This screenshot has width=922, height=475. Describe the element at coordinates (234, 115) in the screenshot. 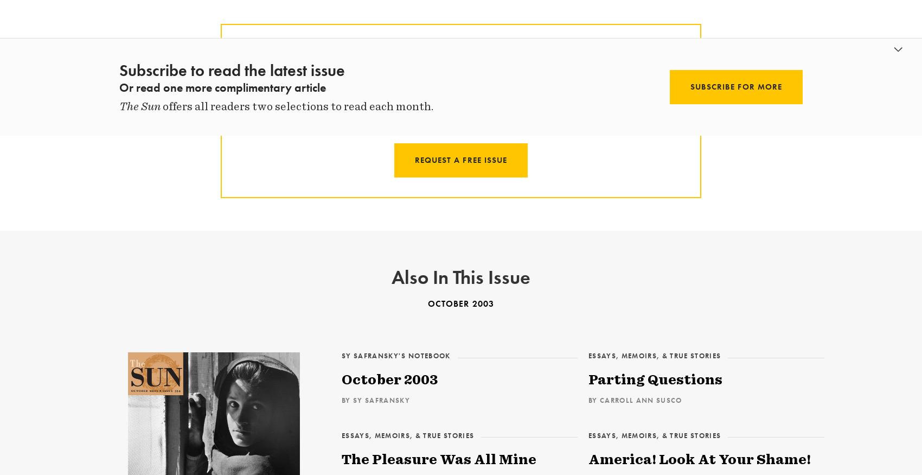

I see `'Request a free trial, and we’ll mail you a print copy of this month’s issue. Plus you’ll get full online access — including 50 years of archives.'` at that location.